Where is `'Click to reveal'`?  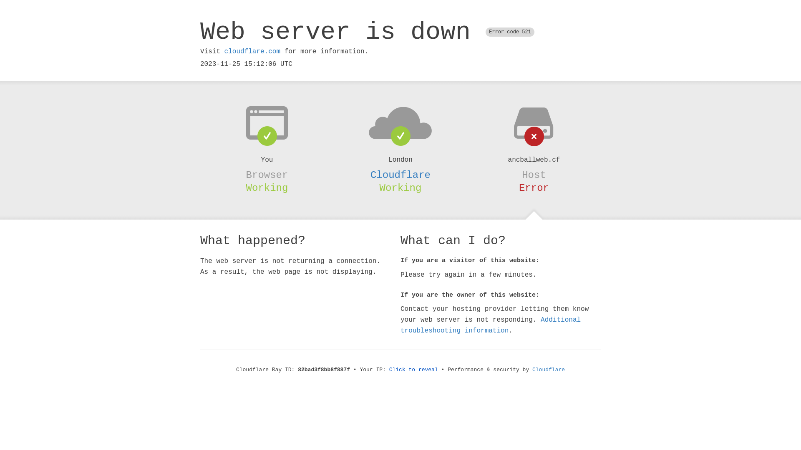 'Click to reveal' is located at coordinates (413, 369).